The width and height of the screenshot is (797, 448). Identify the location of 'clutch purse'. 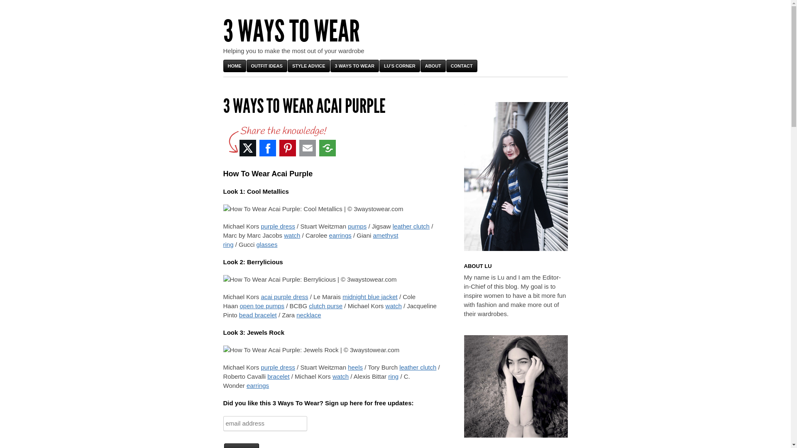
(308, 306).